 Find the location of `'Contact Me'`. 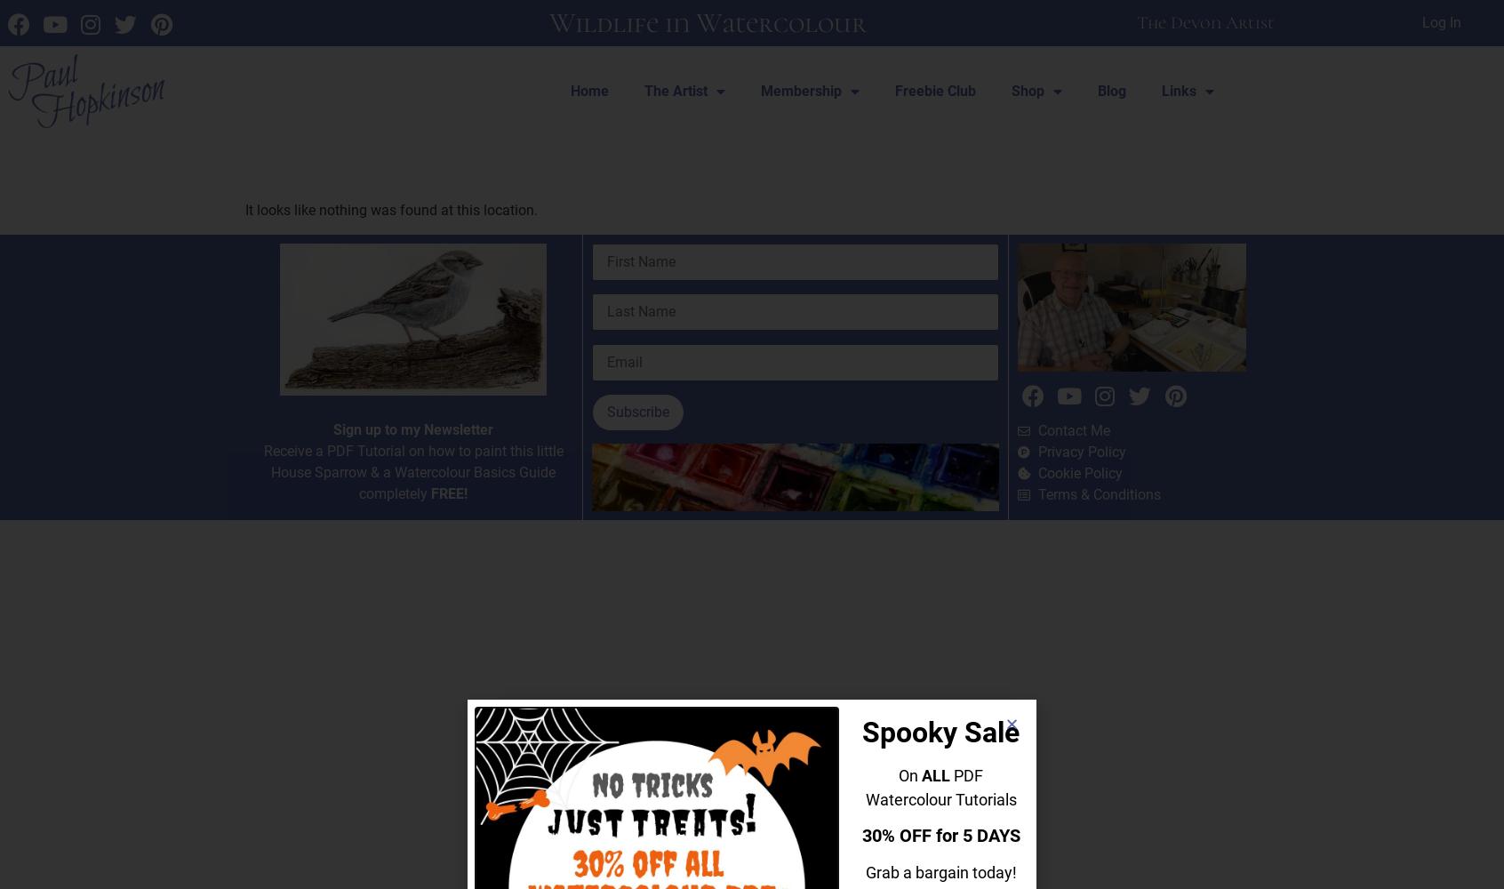

'Contact Me' is located at coordinates (1073, 429).